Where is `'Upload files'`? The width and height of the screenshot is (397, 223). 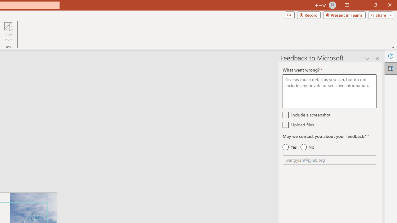
'Upload files' is located at coordinates (285, 125).